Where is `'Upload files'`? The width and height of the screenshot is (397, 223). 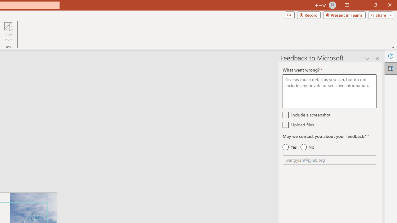
'Upload files' is located at coordinates (285, 125).